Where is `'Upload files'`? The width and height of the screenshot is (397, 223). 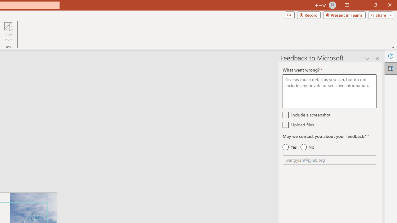
'Upload files' is located at coordinates (285, 125).